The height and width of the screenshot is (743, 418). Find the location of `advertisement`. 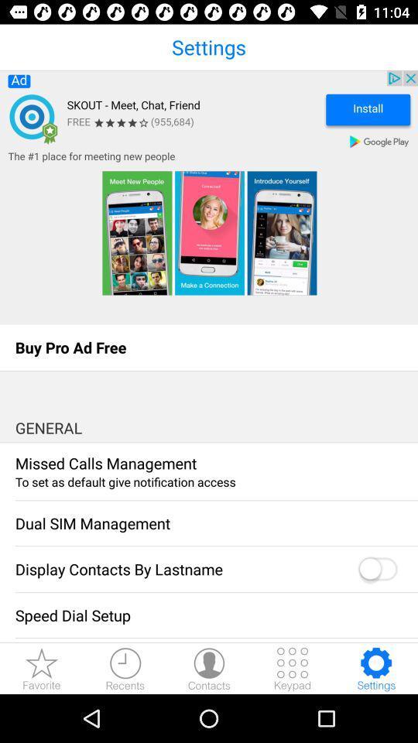

advertisement is located at coordinates (209, 197).